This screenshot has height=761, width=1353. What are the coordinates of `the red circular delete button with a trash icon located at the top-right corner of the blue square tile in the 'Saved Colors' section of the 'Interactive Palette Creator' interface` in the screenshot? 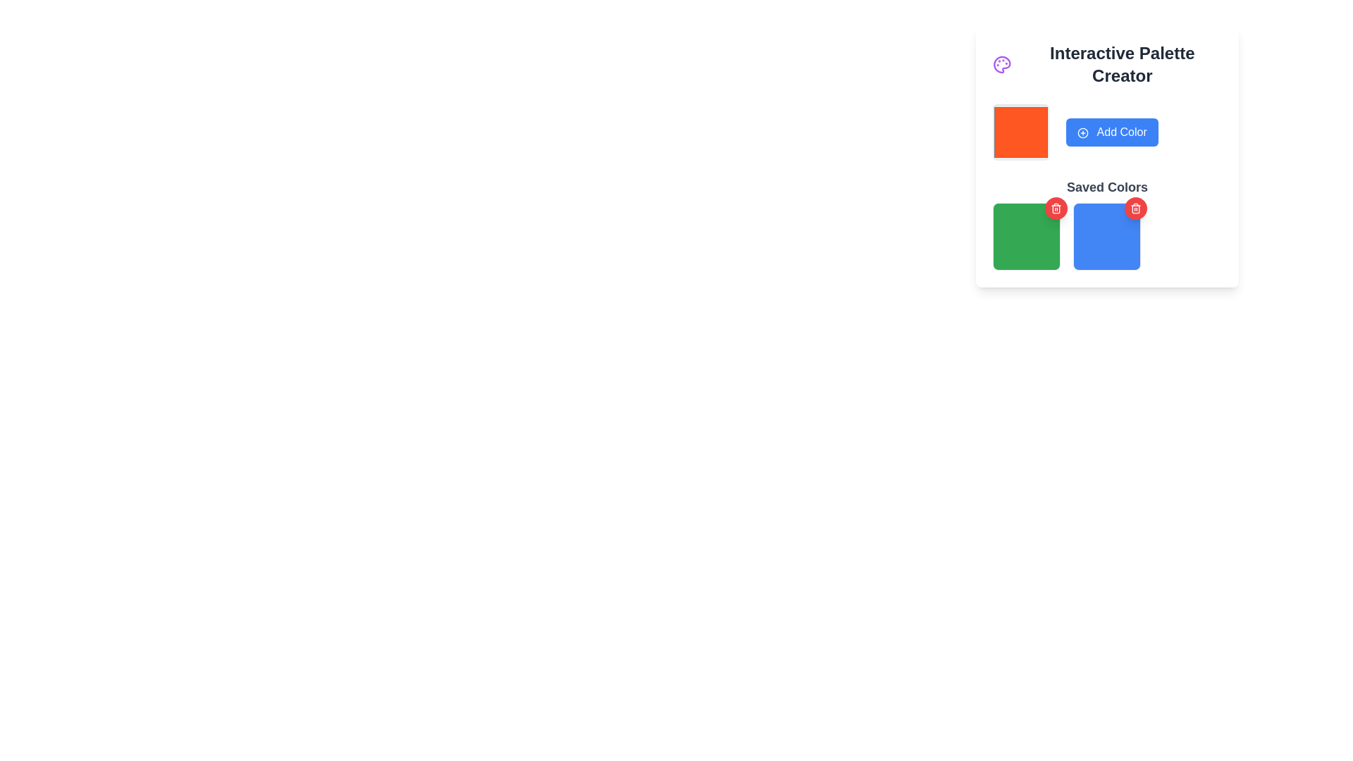 It's located at (1106, 235).